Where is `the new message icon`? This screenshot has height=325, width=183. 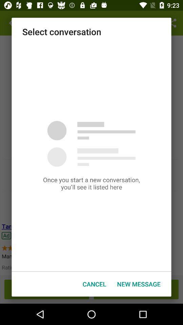
the new message icon is located at coordinates (138, 284).